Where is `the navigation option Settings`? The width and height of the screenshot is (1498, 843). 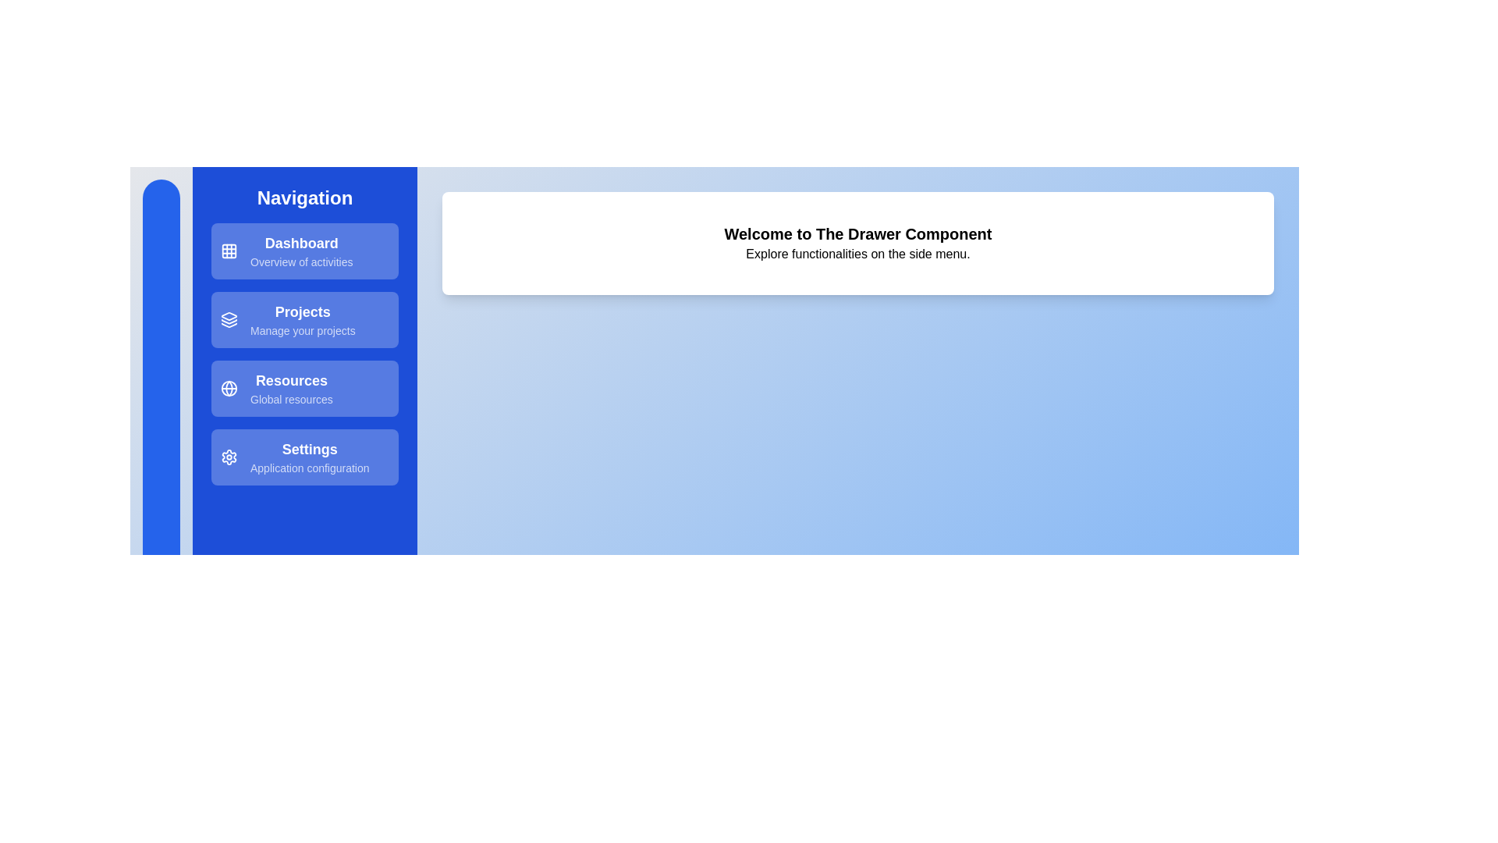 the navigation option Settings is located at coordinates (304, 457).